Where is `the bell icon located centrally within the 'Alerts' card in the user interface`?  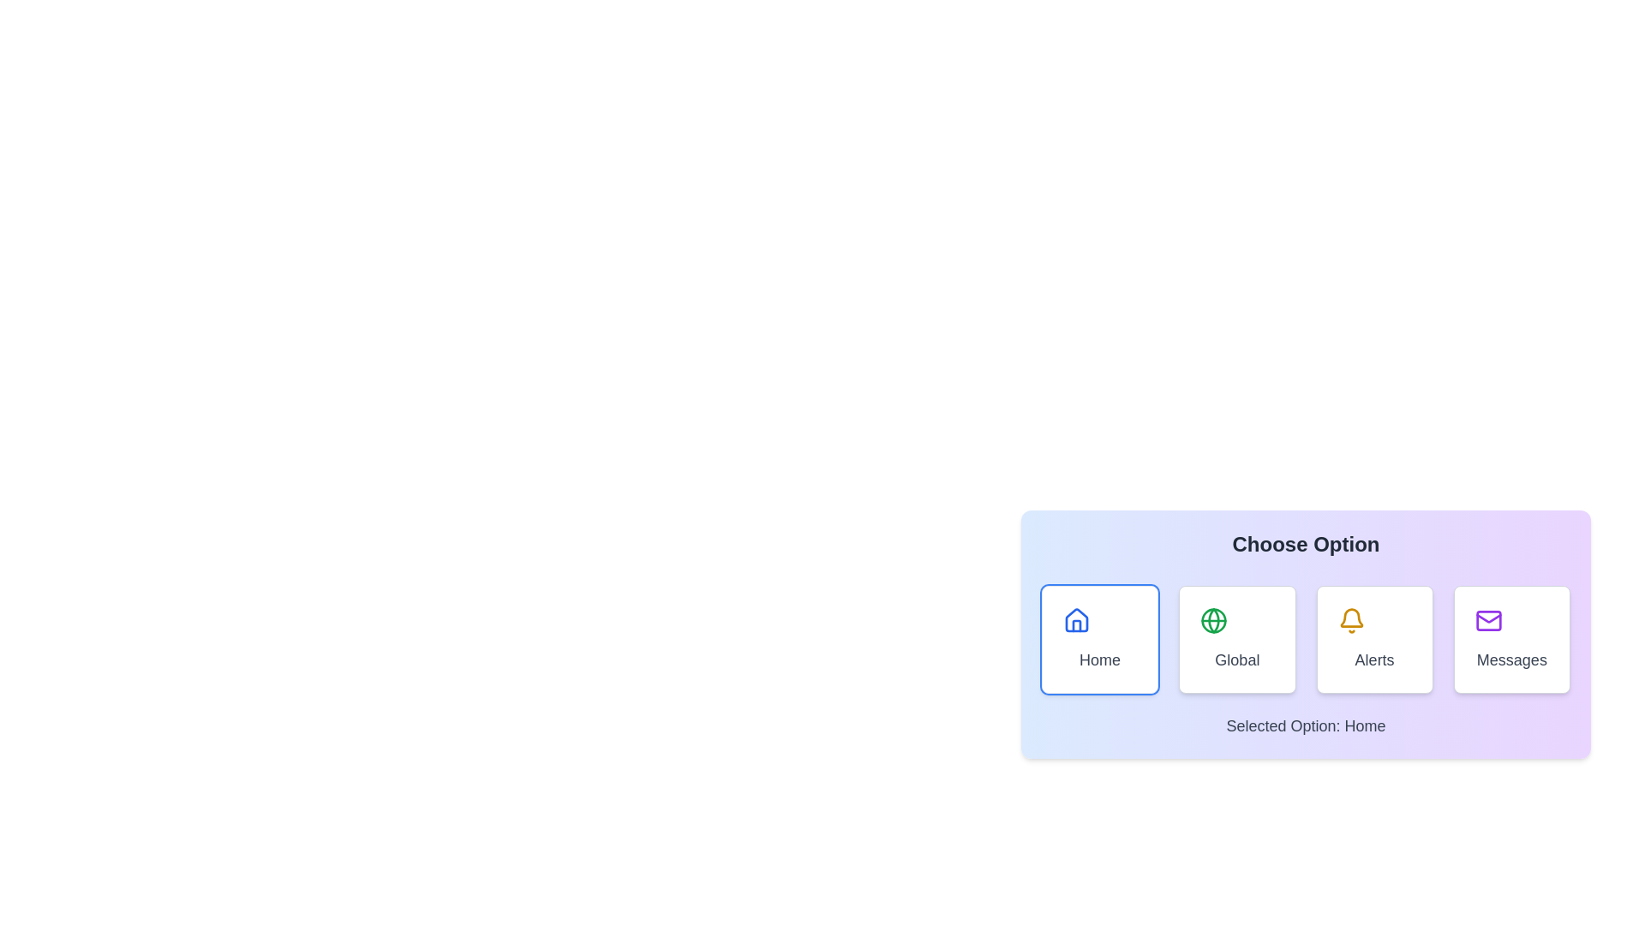
the bell icon located centrally within the 'Alerts' card in the user interface is located at coordinates (1350, 621).